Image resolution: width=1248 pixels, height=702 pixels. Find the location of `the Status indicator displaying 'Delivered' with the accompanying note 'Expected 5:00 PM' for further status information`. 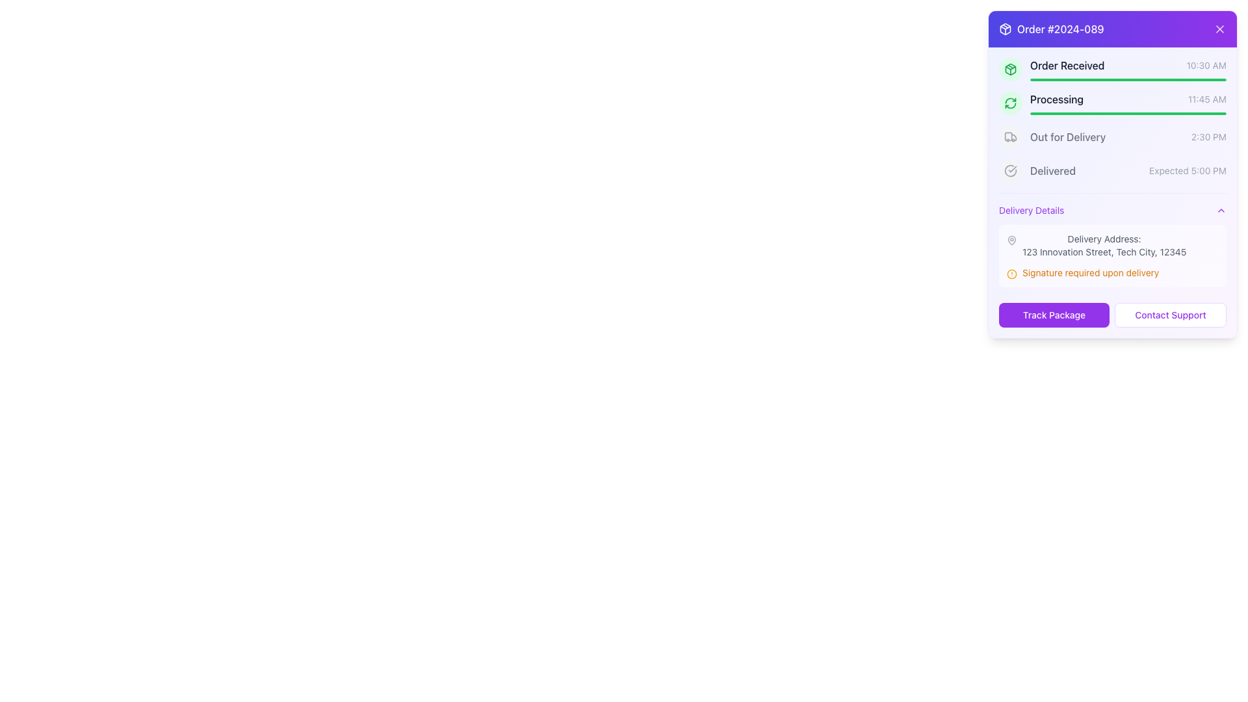

the Status indicator displaying 'Delivered' with the accompanying note 'Expected 5:00 PM' for further status information is located at coordinates (1112, 170).